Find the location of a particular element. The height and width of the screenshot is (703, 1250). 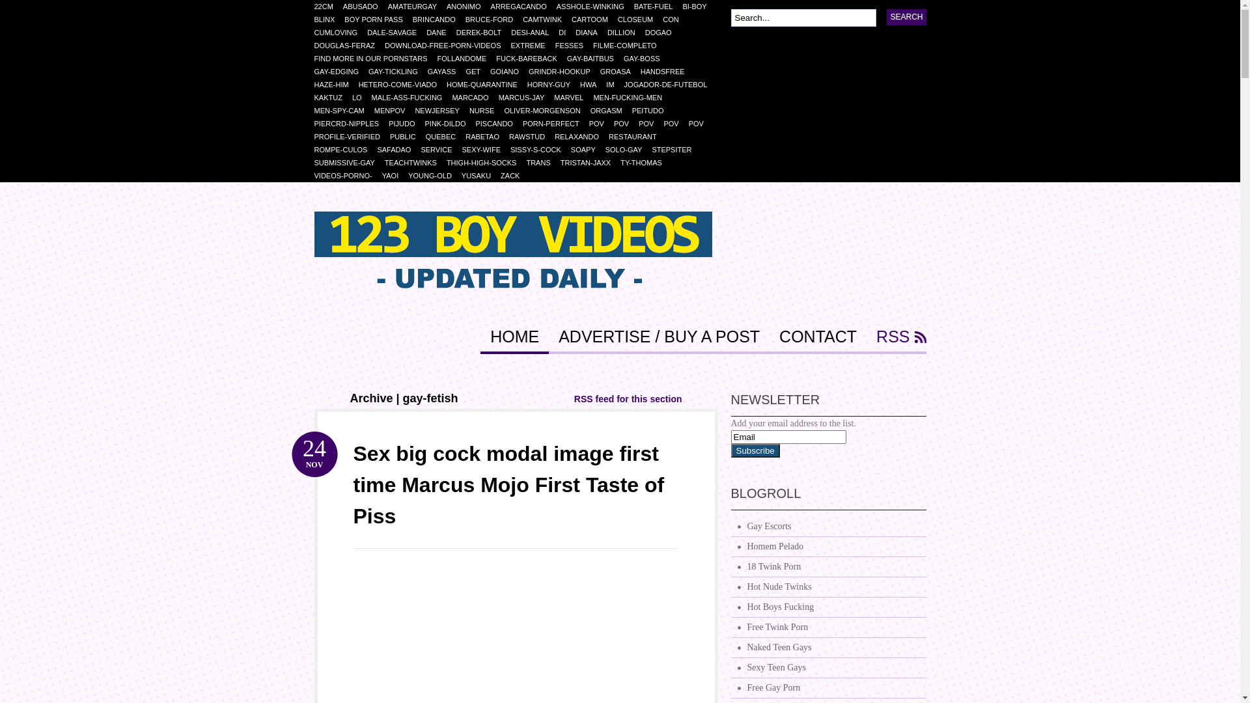

'FIND MORE IN OUR PORNSTARS' is located at coordinates (374, 57).